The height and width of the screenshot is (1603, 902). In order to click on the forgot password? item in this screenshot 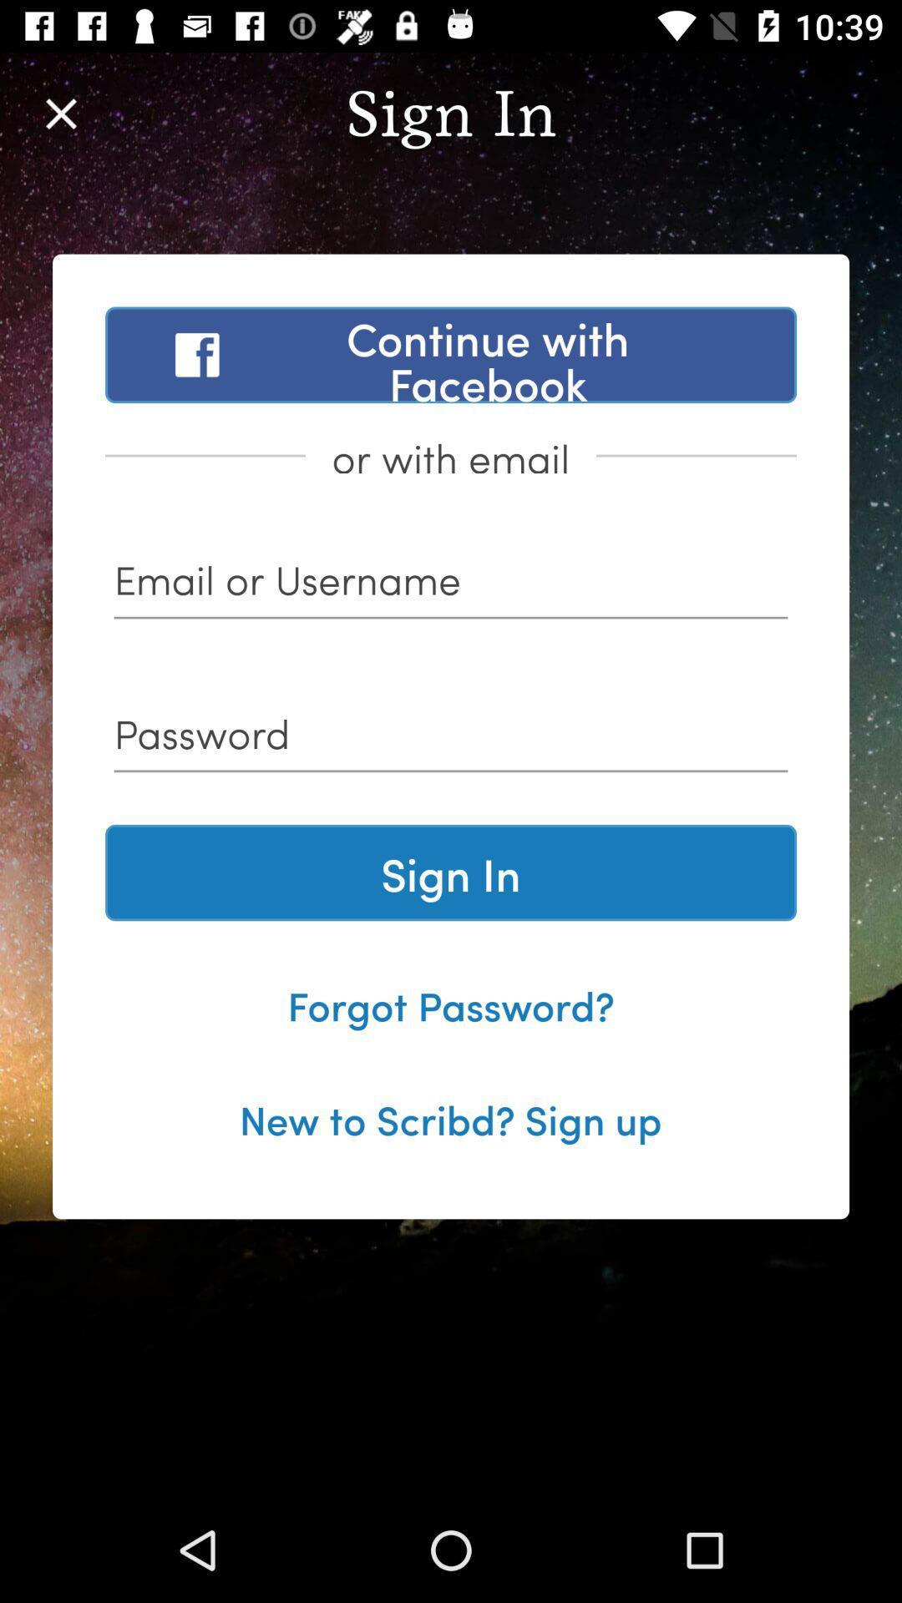, I will do `click(451, 1004)`.